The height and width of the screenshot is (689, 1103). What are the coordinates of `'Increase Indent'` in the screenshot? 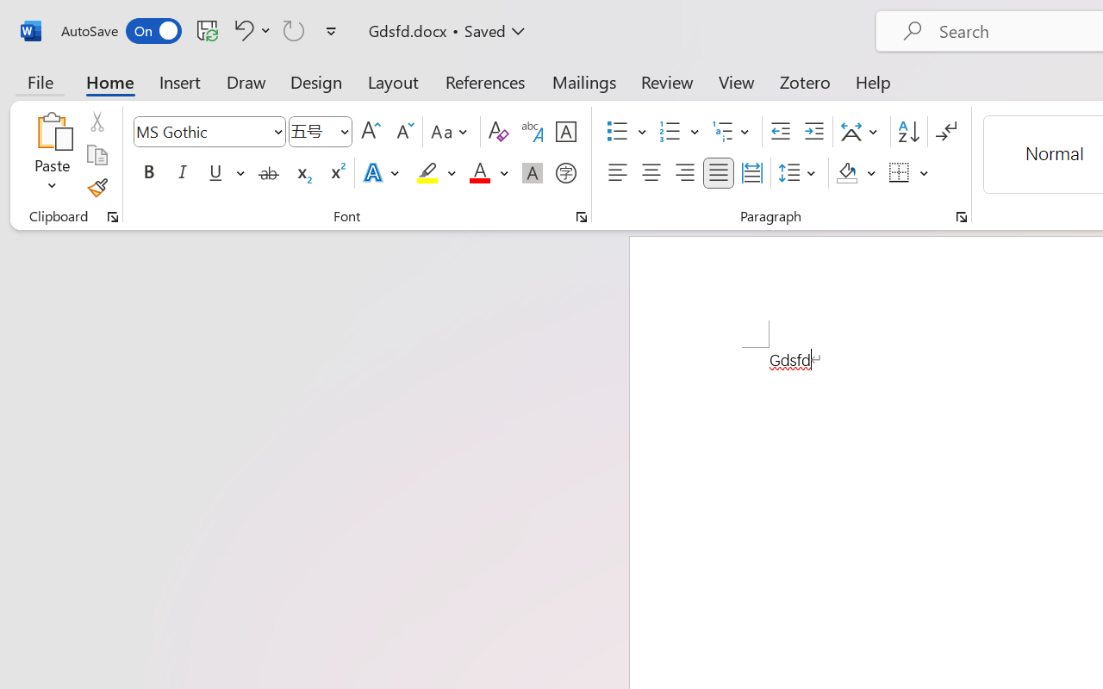 It's located at (813, 132).